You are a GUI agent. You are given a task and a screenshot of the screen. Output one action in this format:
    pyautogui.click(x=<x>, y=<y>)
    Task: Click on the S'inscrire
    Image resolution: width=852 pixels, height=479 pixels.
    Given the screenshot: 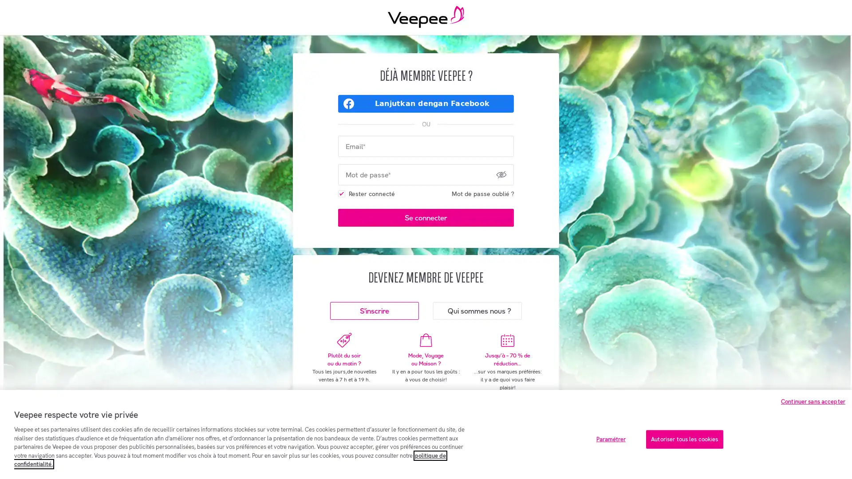 What is the action you would take?
    pyautogui.click(x=375, y=310)
    